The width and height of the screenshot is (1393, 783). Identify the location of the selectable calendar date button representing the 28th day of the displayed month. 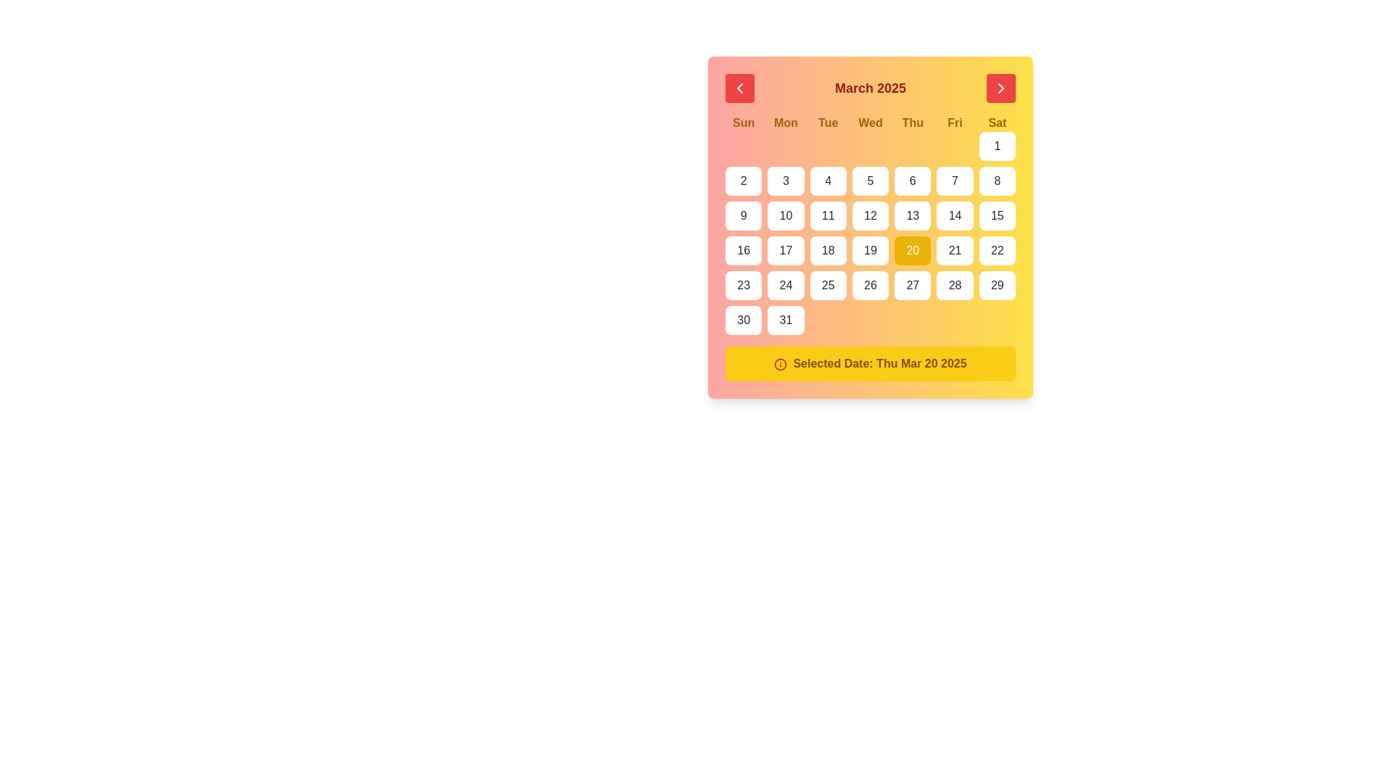
(955, 285).